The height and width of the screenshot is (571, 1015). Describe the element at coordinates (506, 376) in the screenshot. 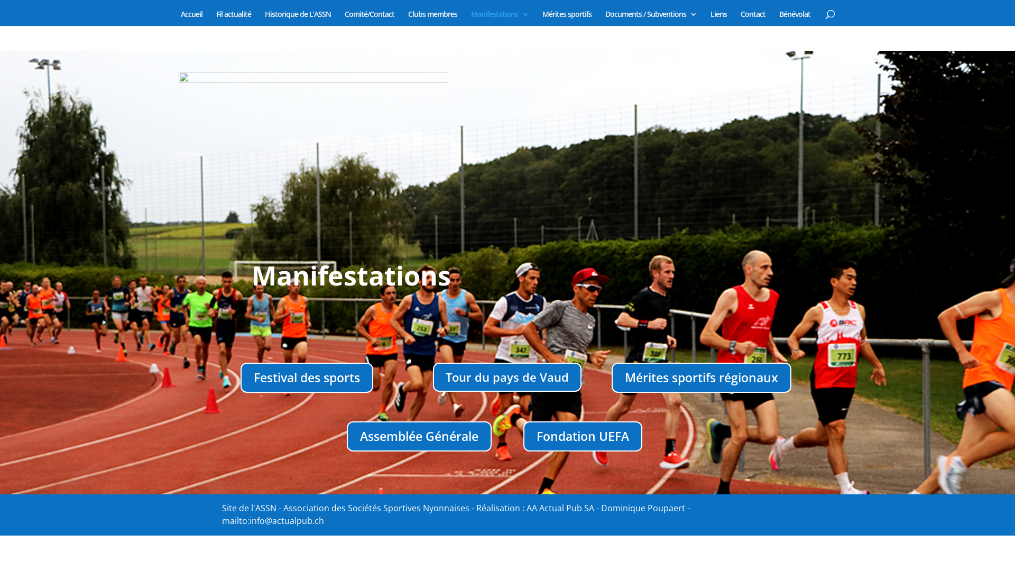

I see `'Tour du pays de Vaud'` at that location.